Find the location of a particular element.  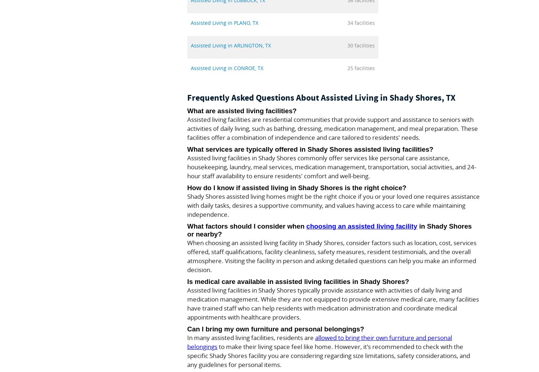

'Shady Shores assisted living homes might be the right choice if you or your loved one requires assistance with daily tasks, desires a supportive community, and values having access to care while maintaining independence.' is located at coordinates (187, 205).